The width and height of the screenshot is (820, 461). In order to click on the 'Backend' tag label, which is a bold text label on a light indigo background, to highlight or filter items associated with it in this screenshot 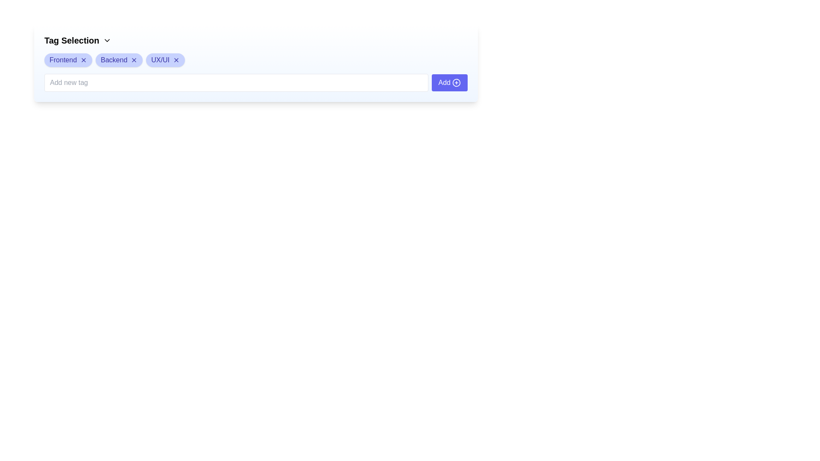, I will do `click(114, 60)`.